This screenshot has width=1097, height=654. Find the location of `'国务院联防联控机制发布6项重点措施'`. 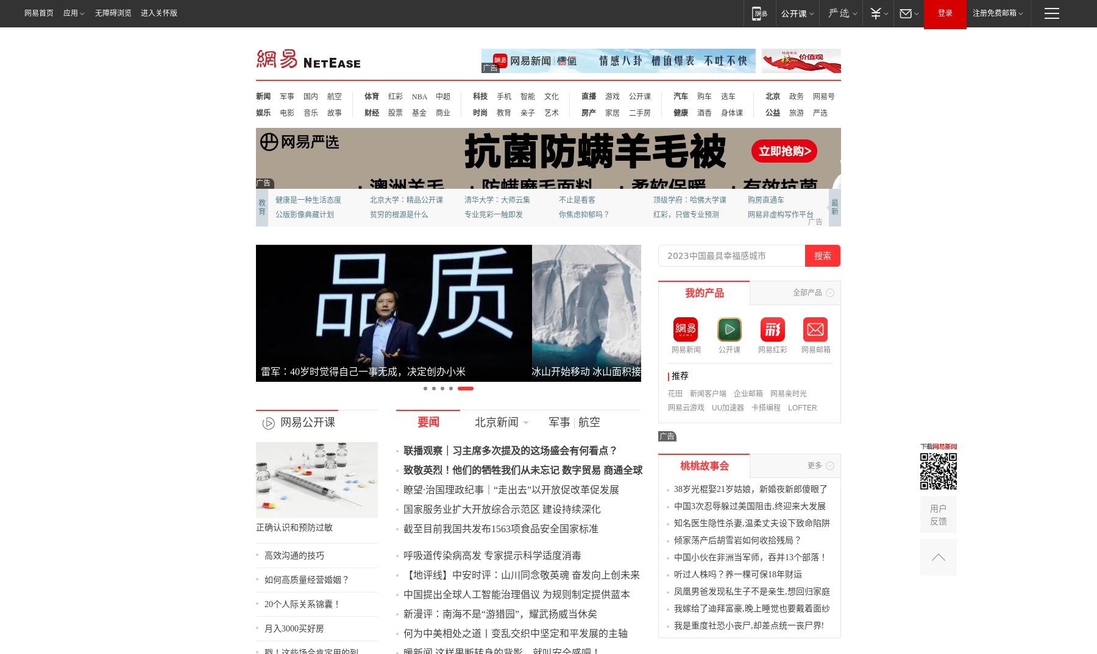

'国务院联防联控机制发布6项重点措施' is located at coordinates (446, 418).